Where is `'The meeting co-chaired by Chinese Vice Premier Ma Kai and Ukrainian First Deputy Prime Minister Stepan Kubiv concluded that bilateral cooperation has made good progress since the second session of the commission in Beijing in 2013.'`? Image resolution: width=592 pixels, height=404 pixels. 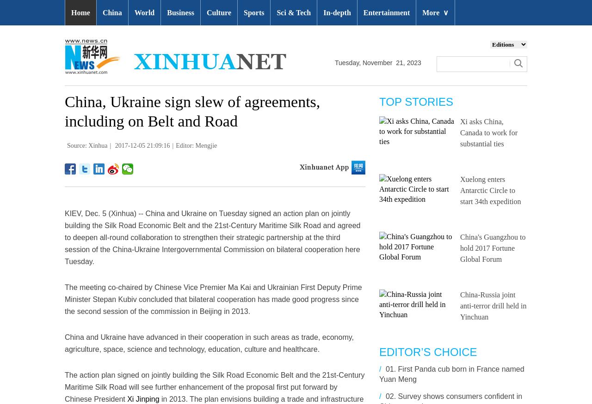 'The meeting co-chaired by Chinese Vice Premier Ma Kai and Ukrainian First Deputy Prime Minister Stepan Kubiv concluded that bilateral cooperation has made good progress since the second session of the commission in Beijing in 2013.' is located at coordinates (213, 299).